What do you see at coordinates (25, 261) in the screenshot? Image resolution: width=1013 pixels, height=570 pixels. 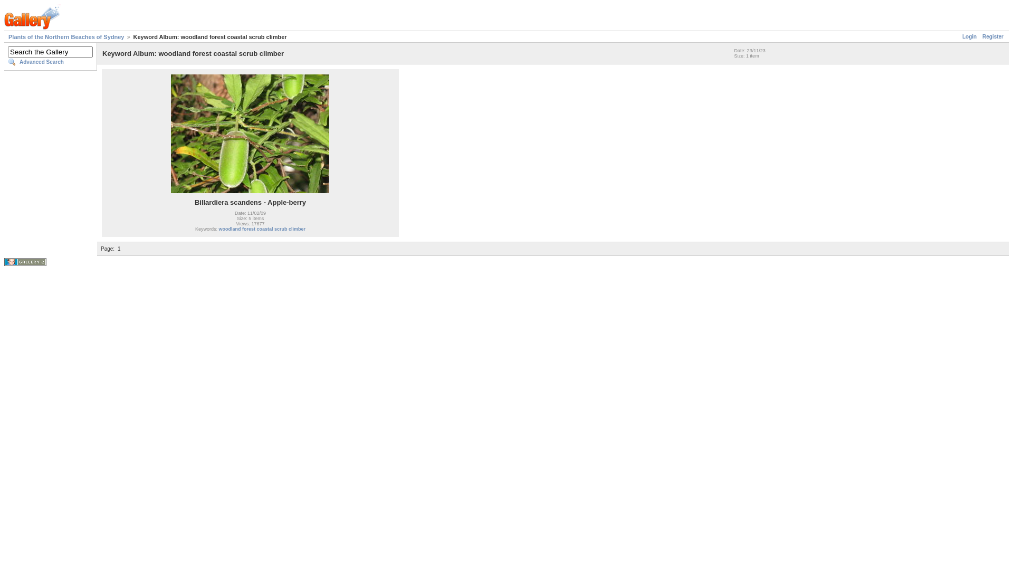 I see `'Powered by Gallery v2.2'` at bounding box center [25, 261].